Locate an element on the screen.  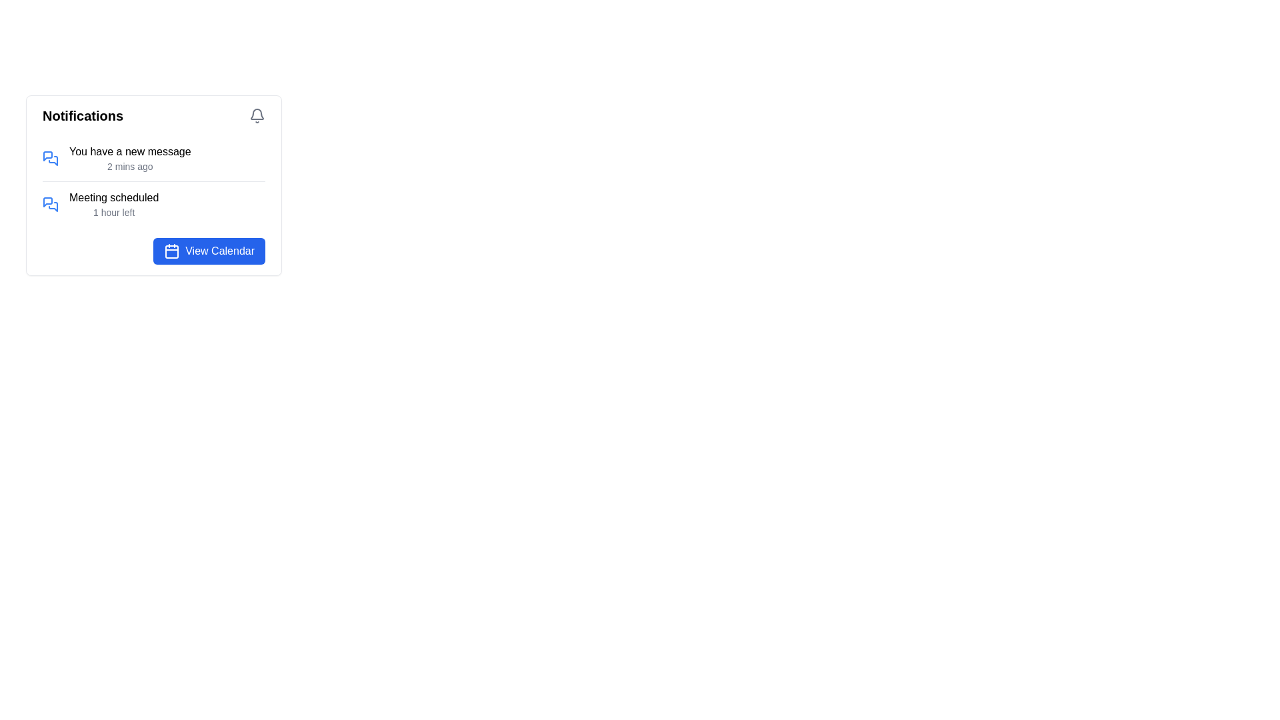
the bell-shaped notification icon located in the upper-right corner of the Notifications section header is located at coordinates (257, 115).